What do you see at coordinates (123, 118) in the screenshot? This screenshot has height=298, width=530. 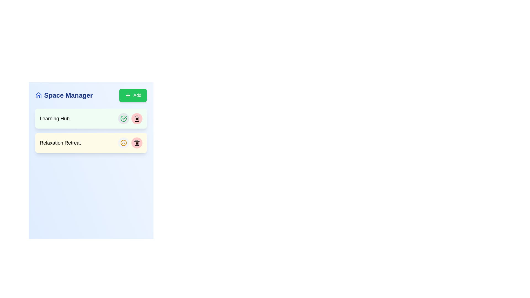 I see `the confirmation button for the 'Learning Hub' item` at bounding box center [123, 118].